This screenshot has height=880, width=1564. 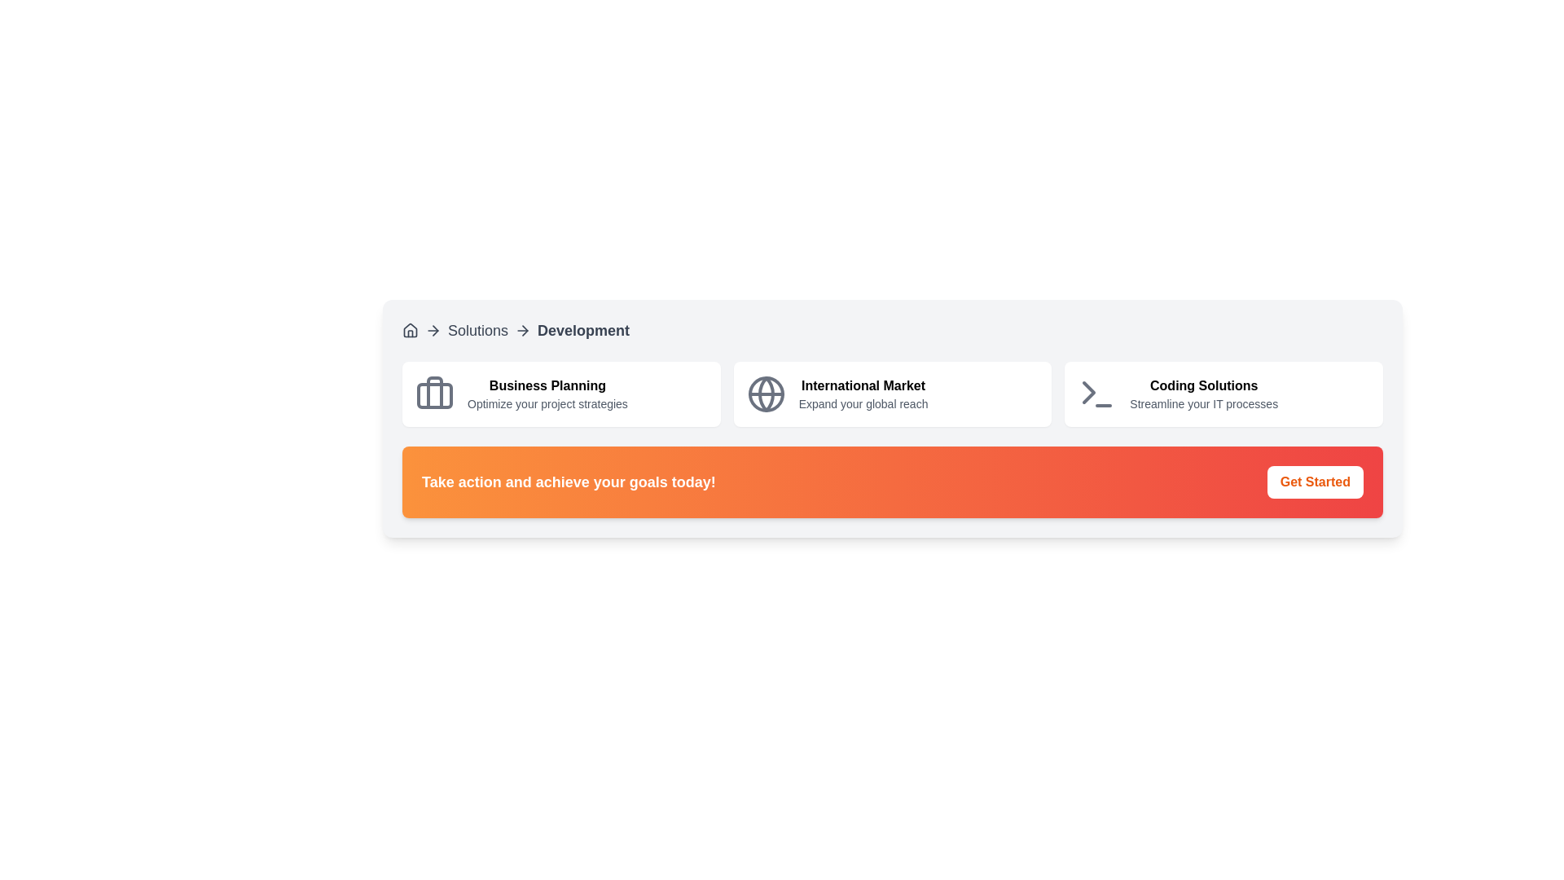 What do you see at coordinates (547, 394) in the screenshot?
I see `the descriptive display component titled 'Business Planning'` at bounding box center [547, 394].